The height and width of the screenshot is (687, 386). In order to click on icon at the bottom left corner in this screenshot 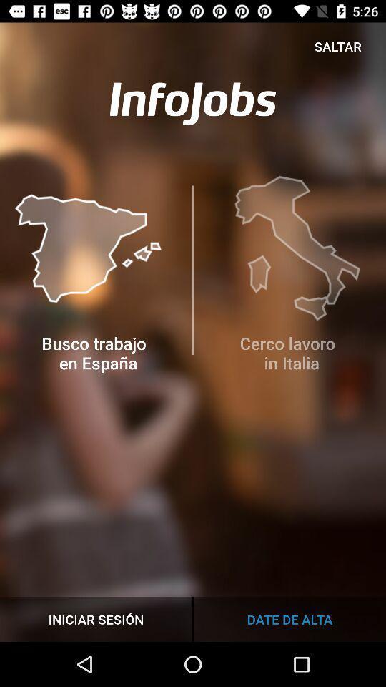, I will do `click(96, 618)`.